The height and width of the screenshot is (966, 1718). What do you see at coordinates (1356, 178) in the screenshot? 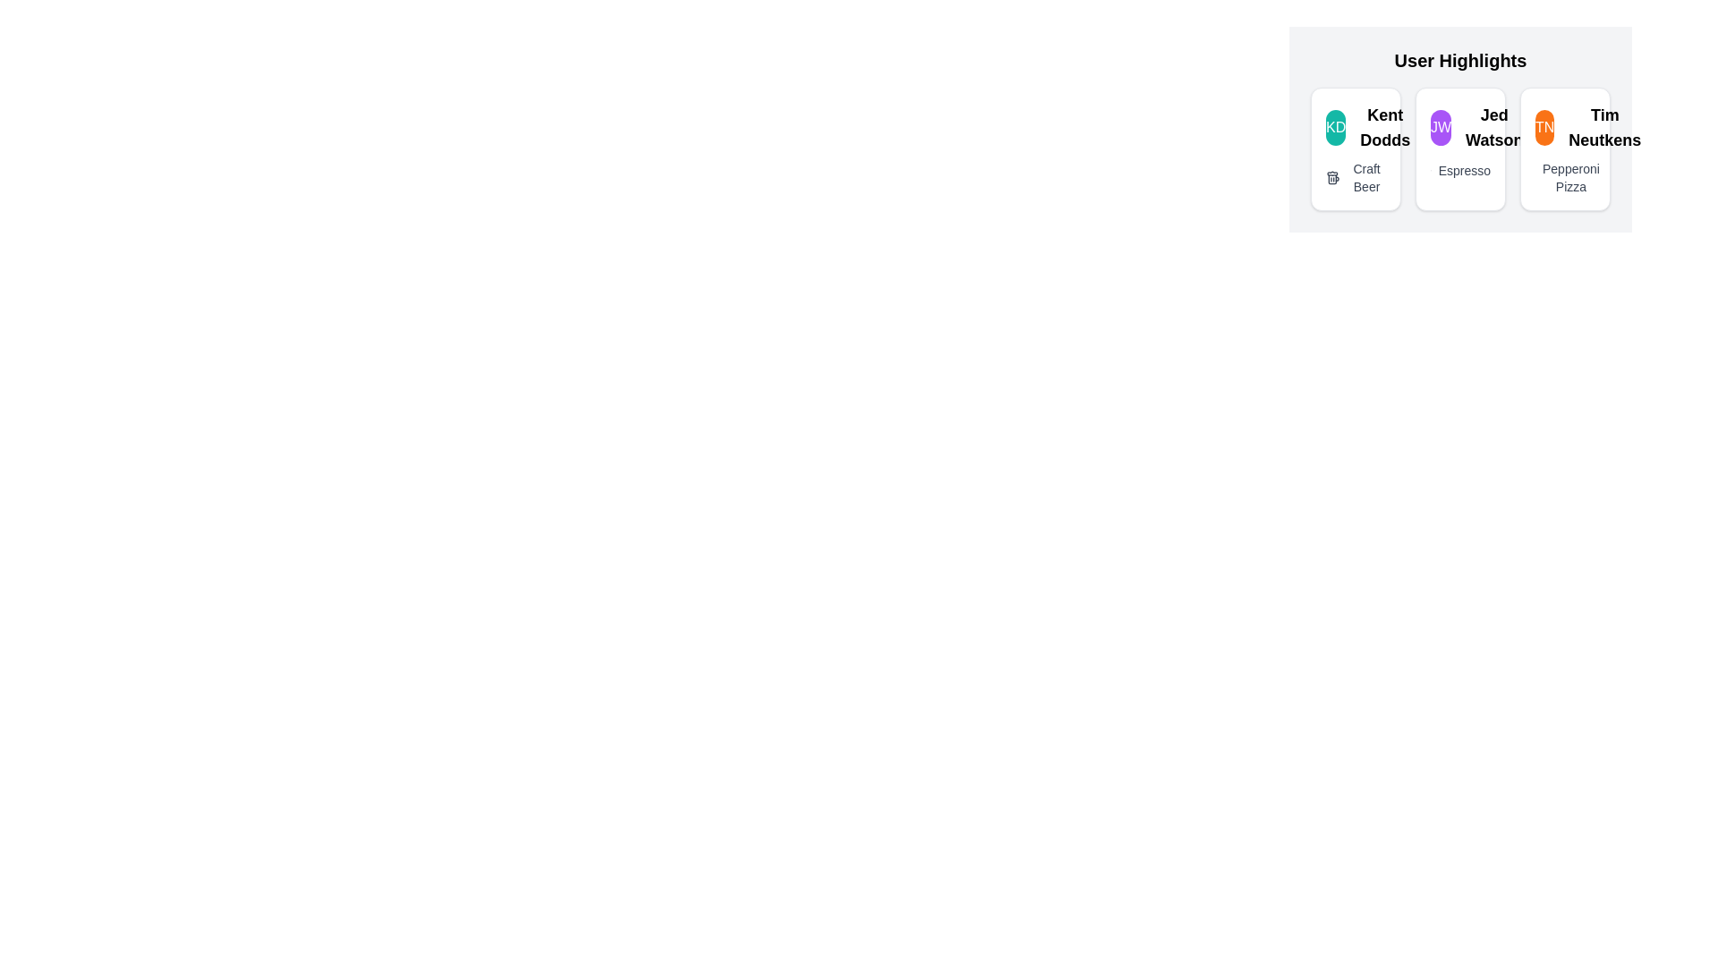
I see `the icon associated with the 'Craft Beer' text for user 'Kent Dodds', which is located below the user's name` at bounding box center [1356, 178].